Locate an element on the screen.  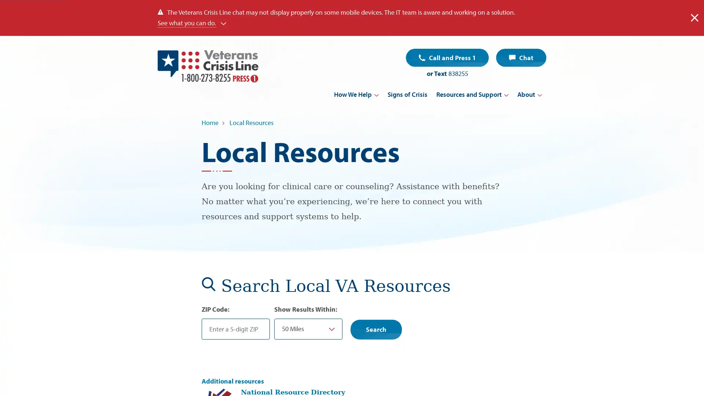
Close Banner is located at coordinates (694, 17).